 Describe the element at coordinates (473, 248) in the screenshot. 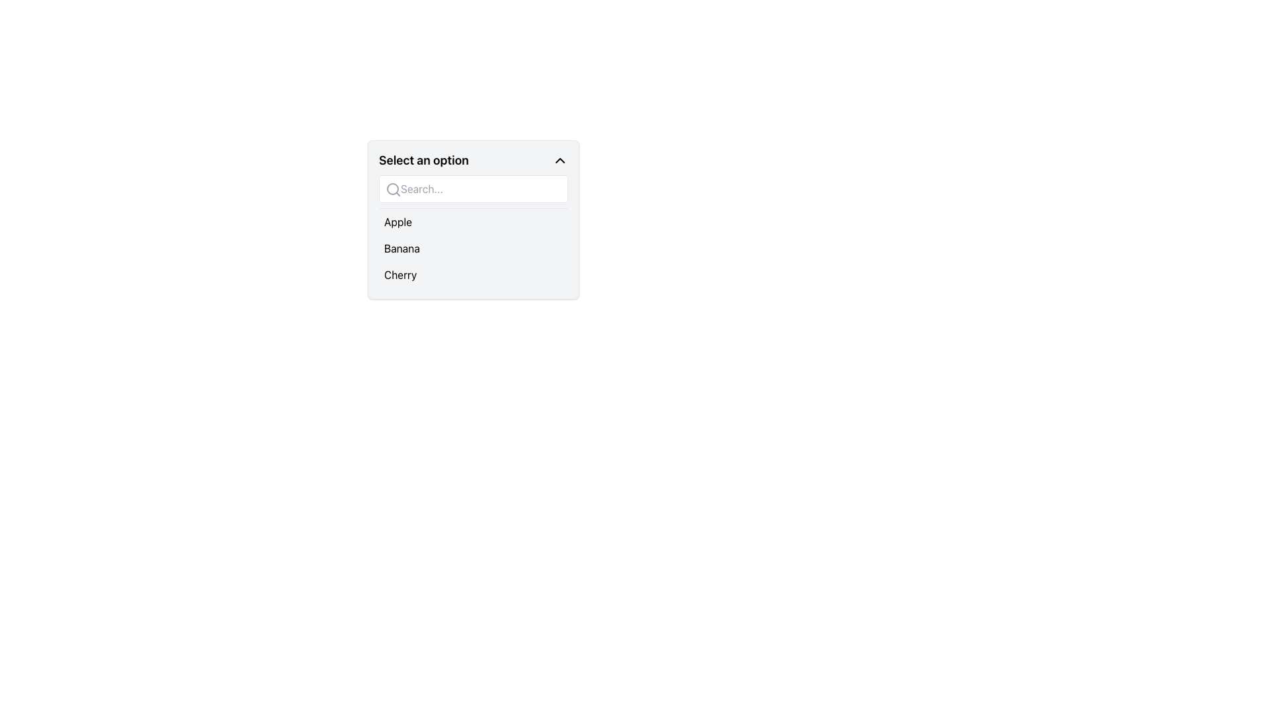

I see `the selectable list item labeled 'Banana'` at that location.